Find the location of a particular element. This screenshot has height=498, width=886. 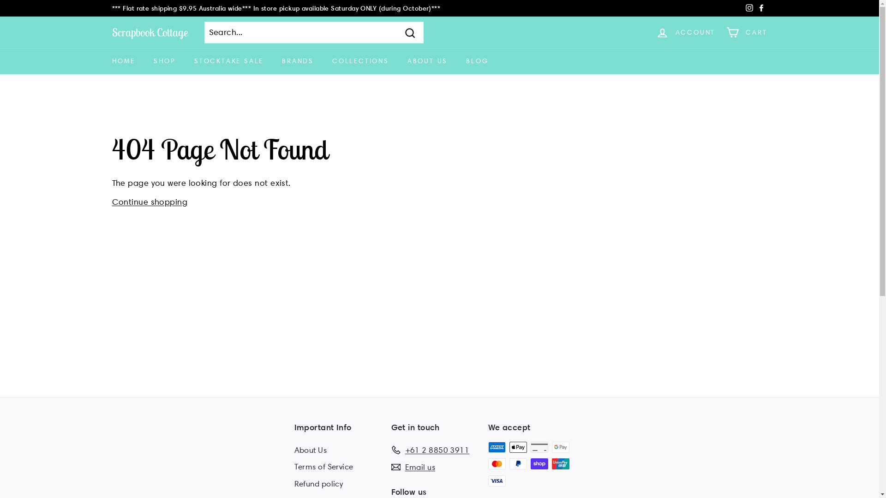

'Skip to content' is located at coordinates (0, 0).